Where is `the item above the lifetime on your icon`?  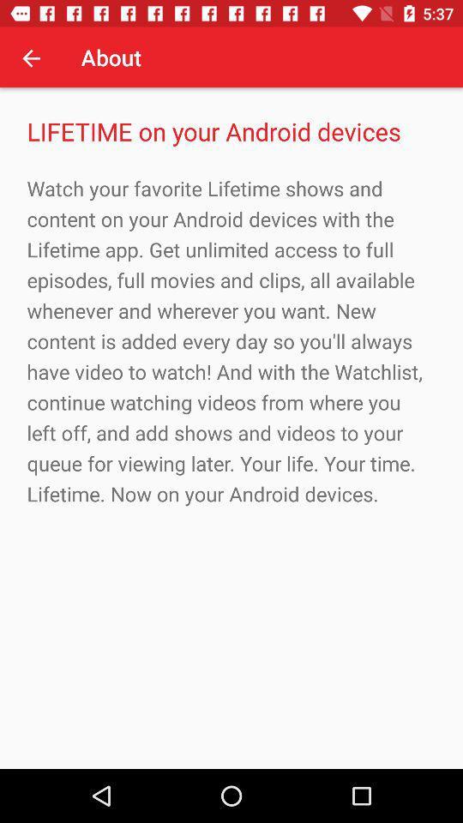
the item above the lifetime on your icon is located at coordinates (31, 57).